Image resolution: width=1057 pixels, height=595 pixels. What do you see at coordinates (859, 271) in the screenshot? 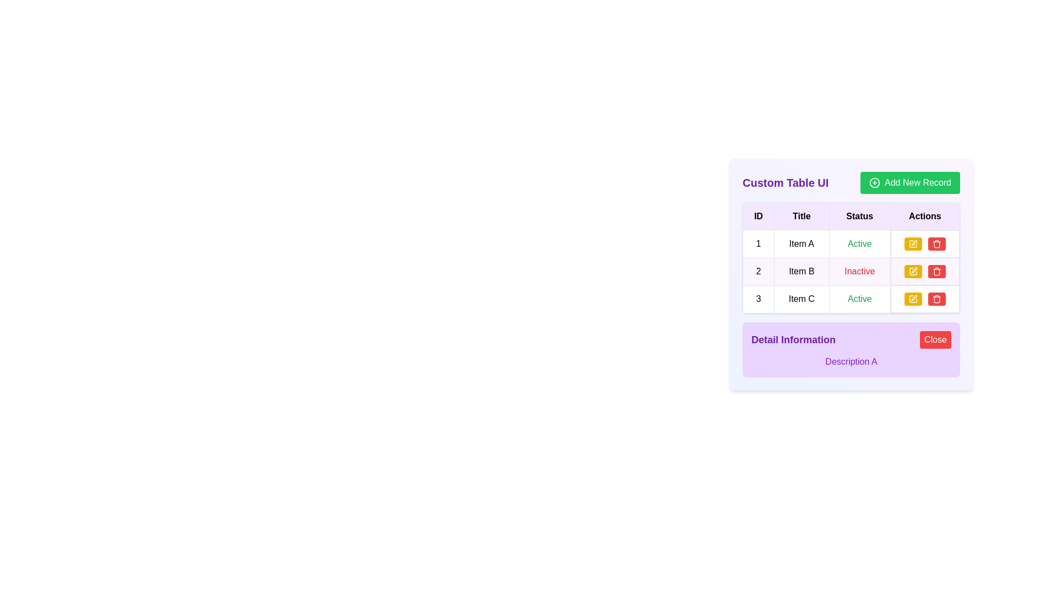
I see `the 'Inactive' text label displayed in bold red font located in the 'Status' column of the second row in the data table` at bounding box center [859, 271].